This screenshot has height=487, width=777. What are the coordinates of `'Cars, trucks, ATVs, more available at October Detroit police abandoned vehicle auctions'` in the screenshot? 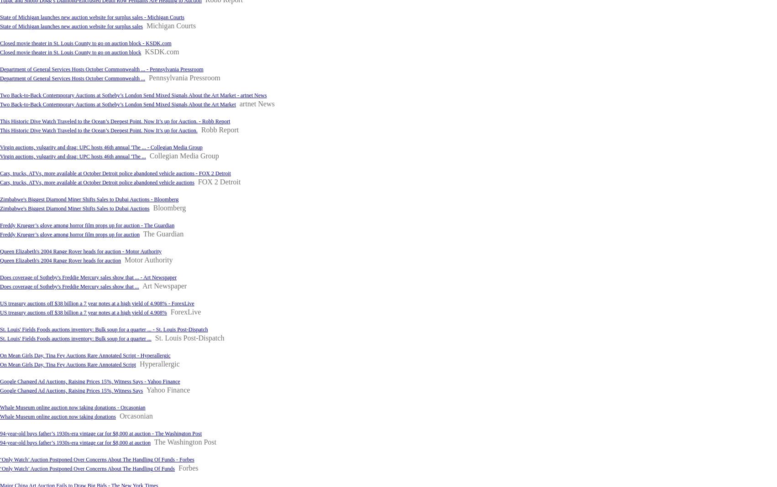 It's located at (96, 182).